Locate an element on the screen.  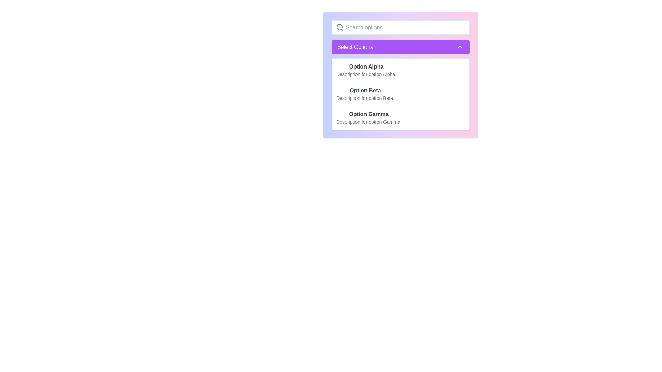
the decorative circle in the SVG element representing the glass lens of a magnifying glass icon, located in the top-left corner of the search bar is located at coordinates (339, 27).